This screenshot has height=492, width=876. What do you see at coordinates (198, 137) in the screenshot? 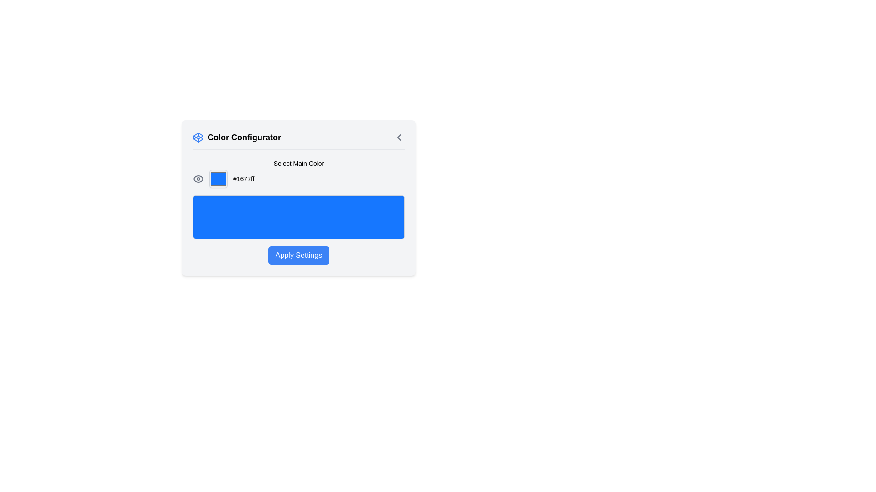
I see `the branding icon located at the top-left corner of the header for the 'Color Configurator' section, adjacent to the text label` at bounding box center [198, 137].